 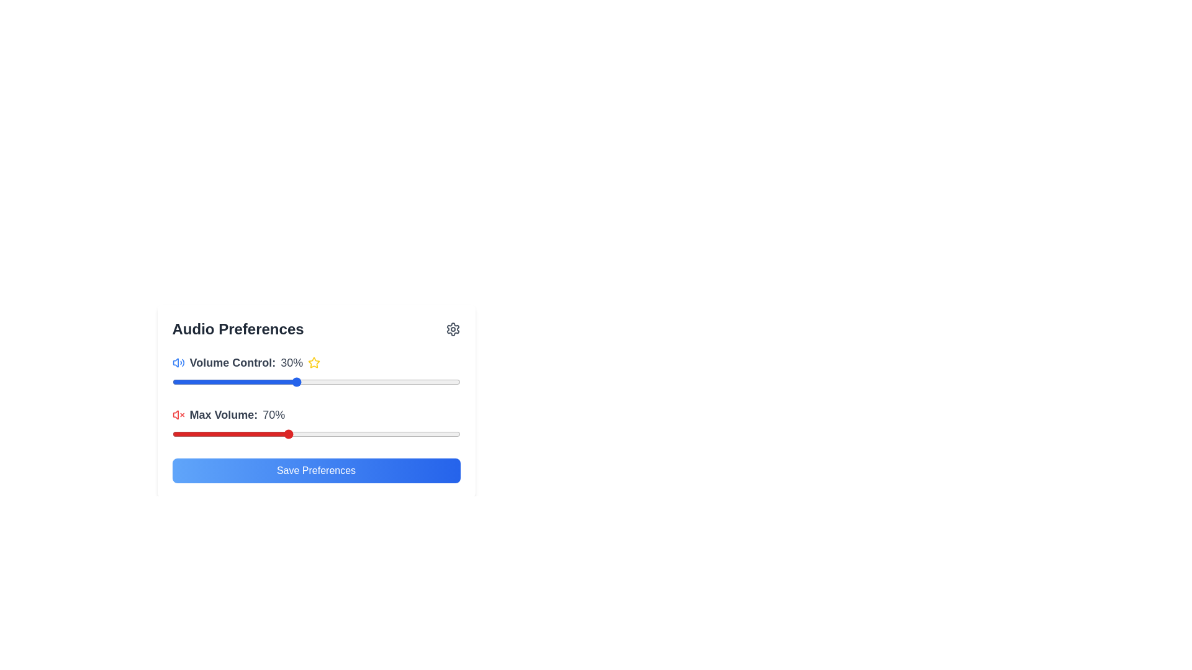 I want to click on the volume control icon, which is located to the left of the text '30%' and above a blue progress bar, so click(x=178, y=363).